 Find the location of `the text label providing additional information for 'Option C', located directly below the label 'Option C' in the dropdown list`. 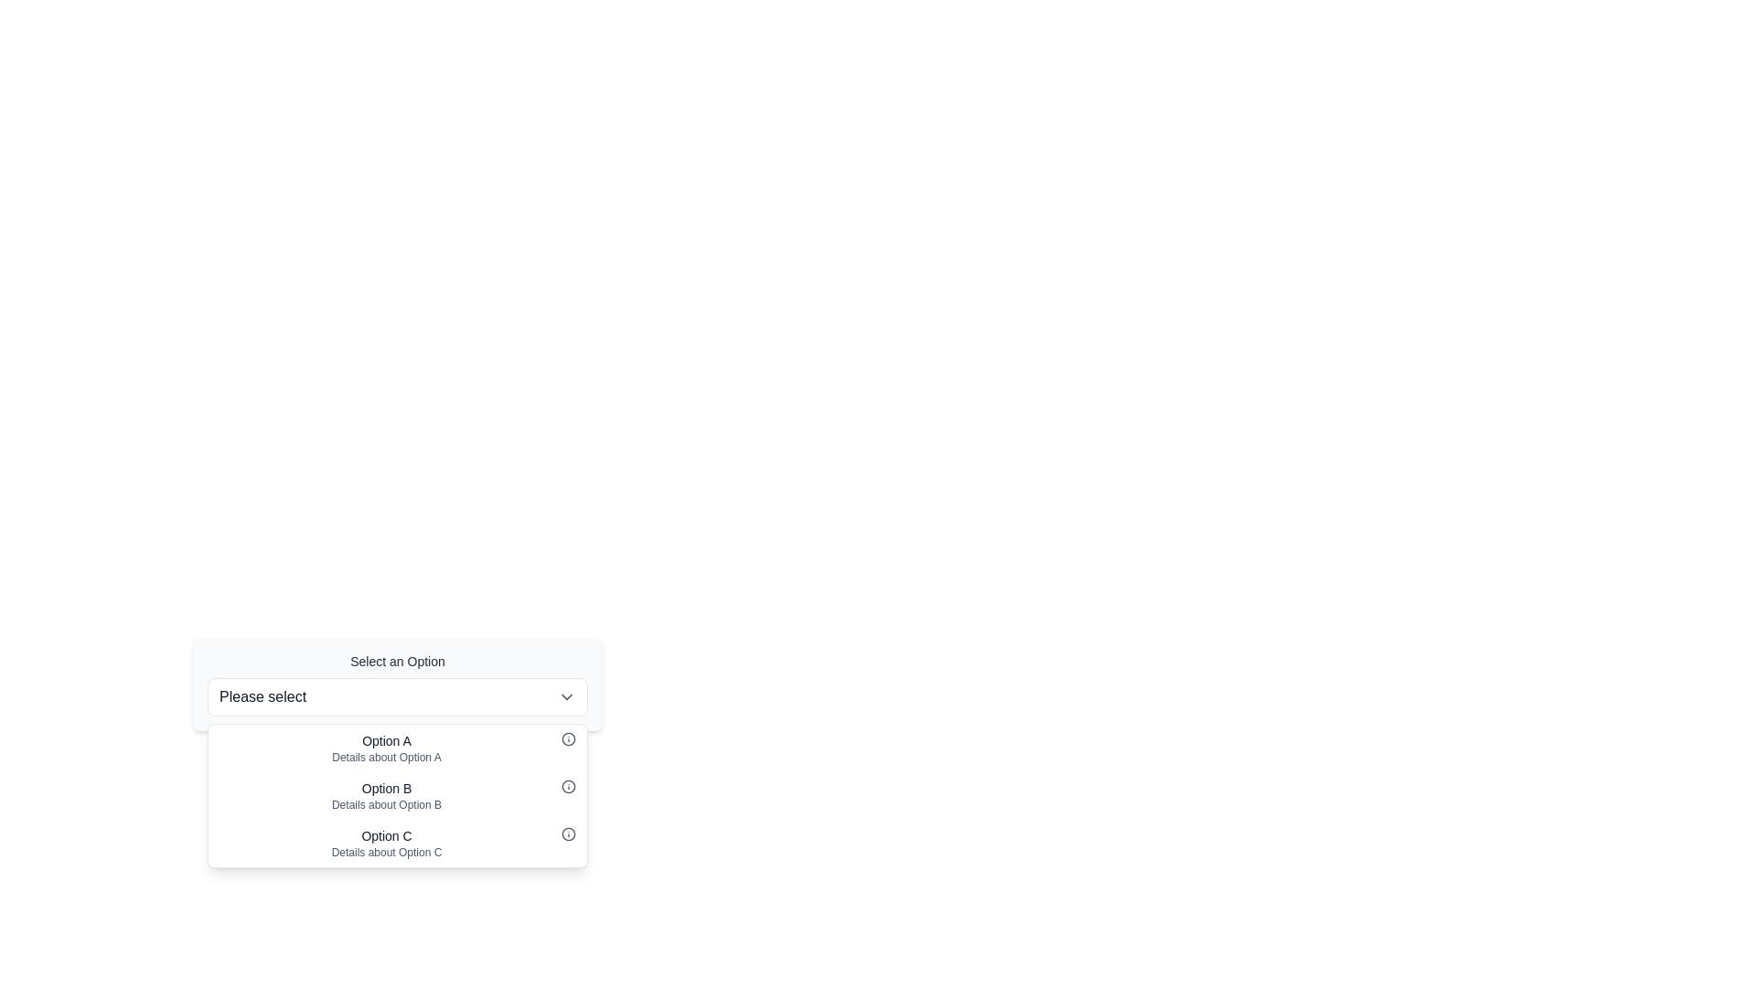

the text label providing additional information for 'Option C', located directly below the label 'Option C' in the dropdown list is located at coordinates (385, 853).